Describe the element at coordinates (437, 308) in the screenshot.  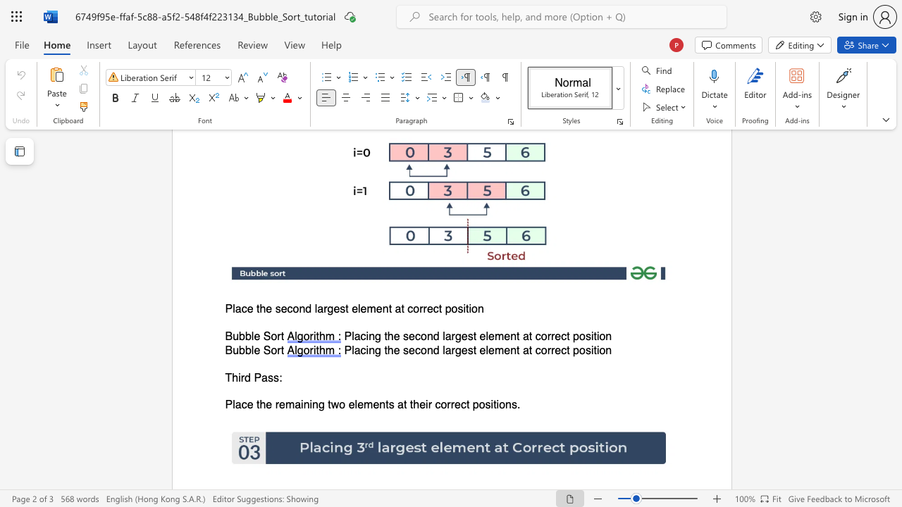
I see `the space between the continuous character "c" and "t" in the text` at that location.